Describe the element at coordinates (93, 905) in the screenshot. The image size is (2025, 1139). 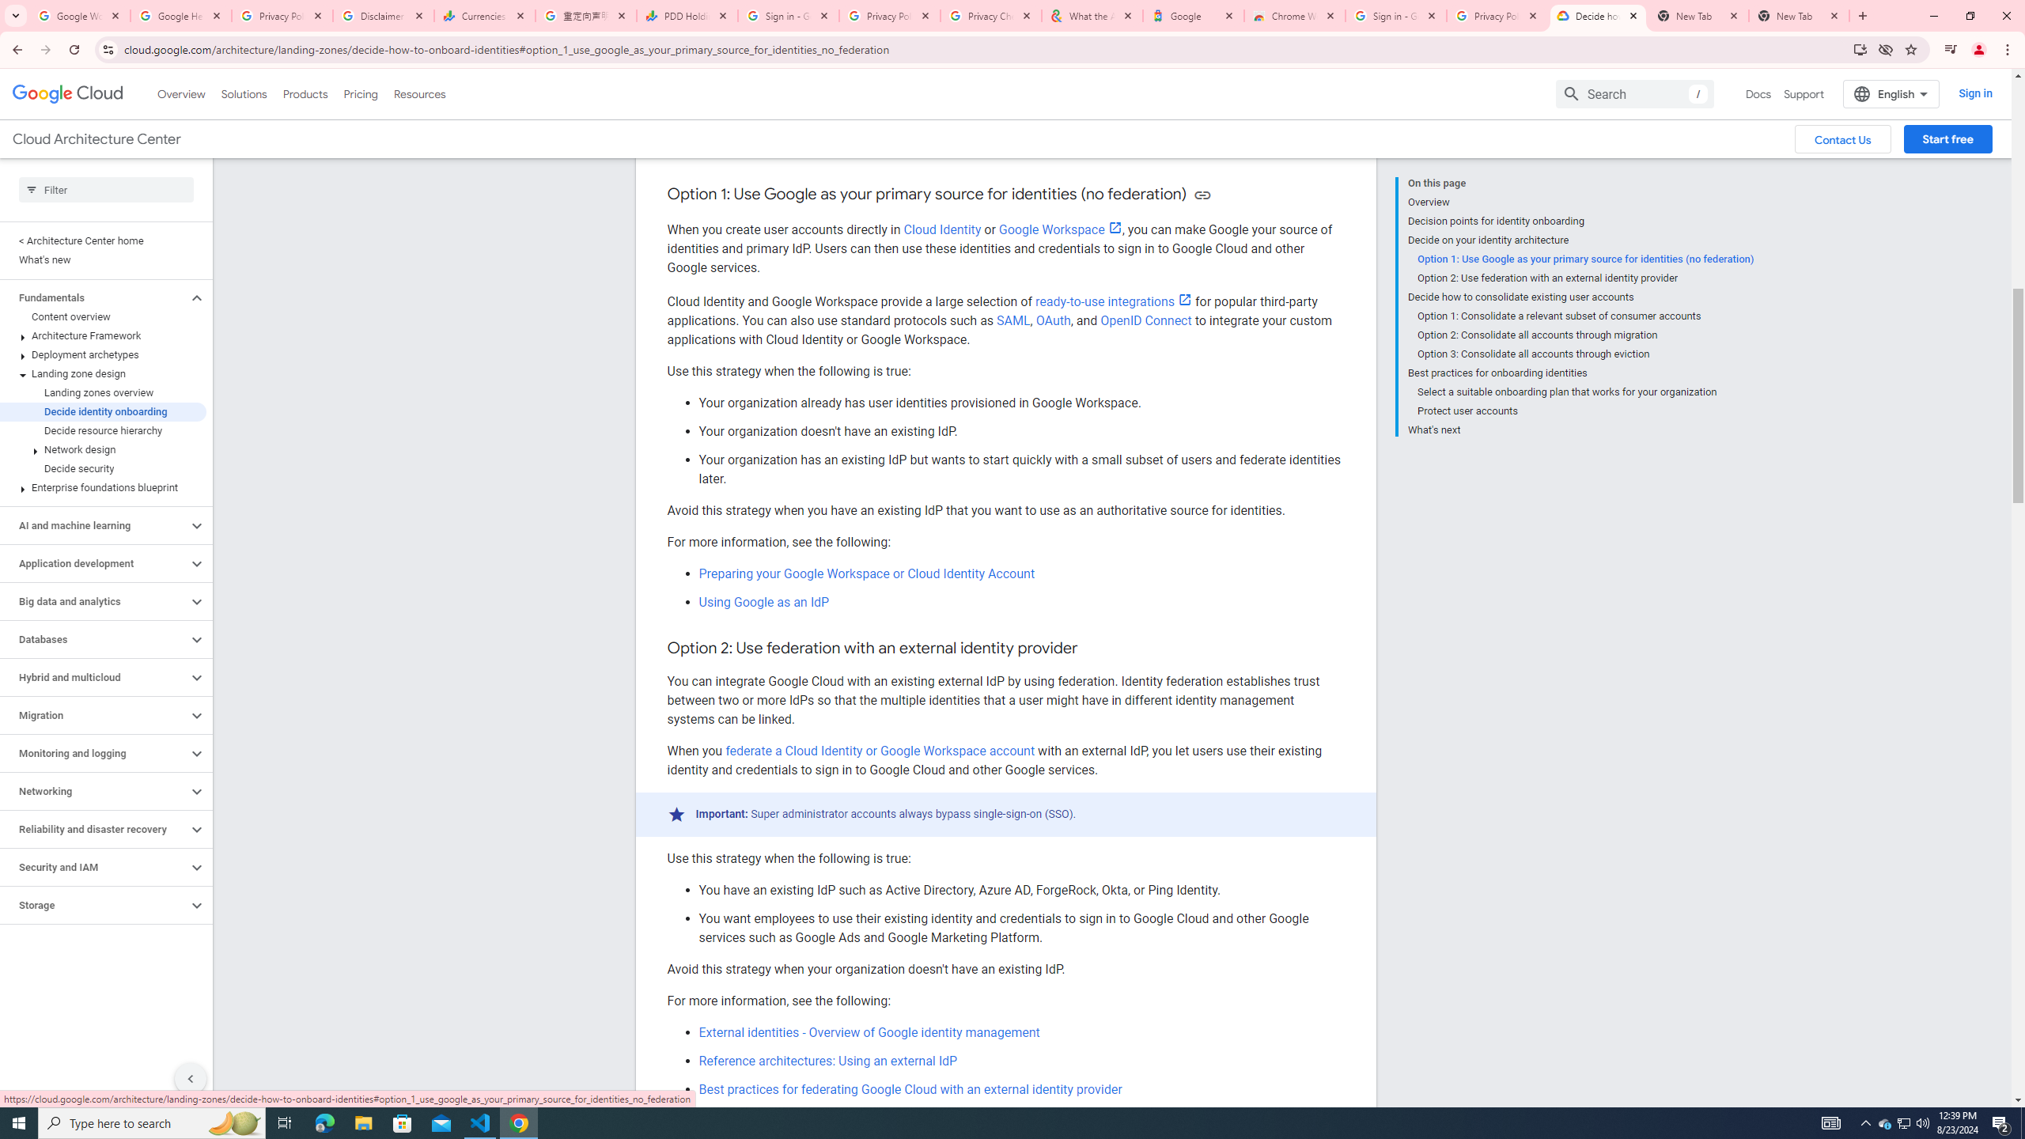
I see `'Storage'` at that location.